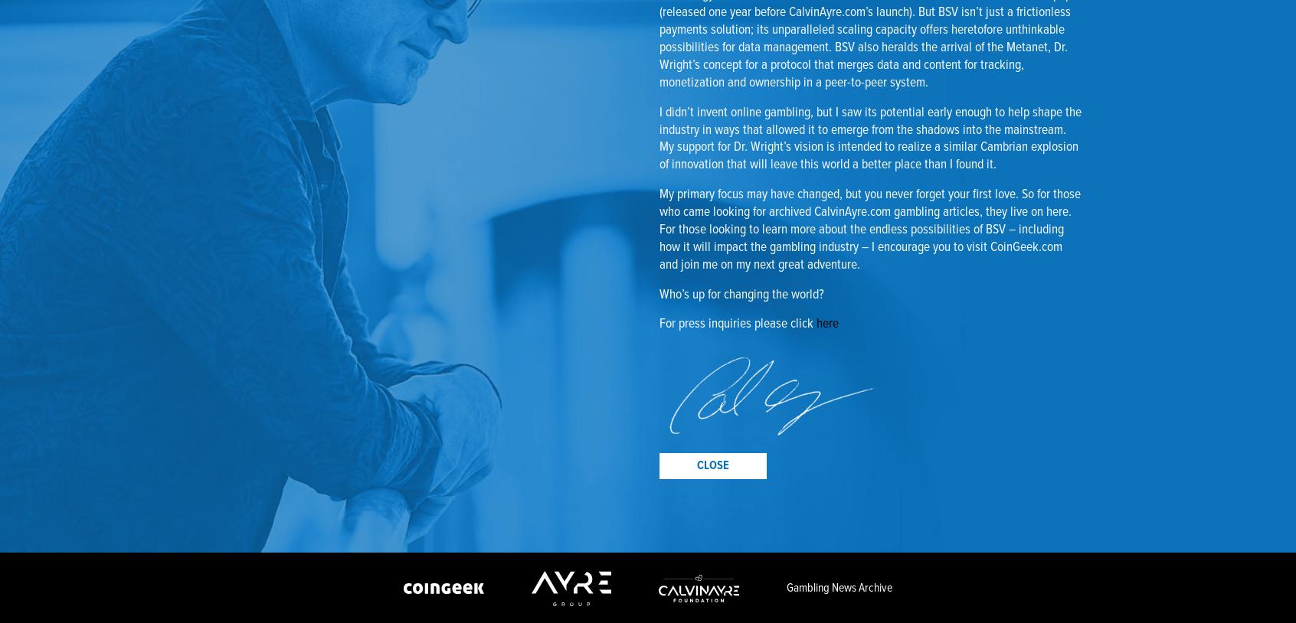  What do you see at coordinates (1026, 246) in the screenshot?
I see `'CoinGeek.com'` at bounding box center [1026, 246].